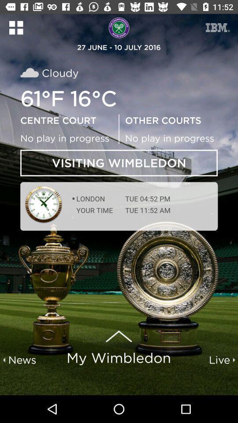 This screenshot has height=423, width=238. What do you see at coordinates (217, 27) in the screenshot?
I see `the sliders icon` at bounding box center [217, 27].